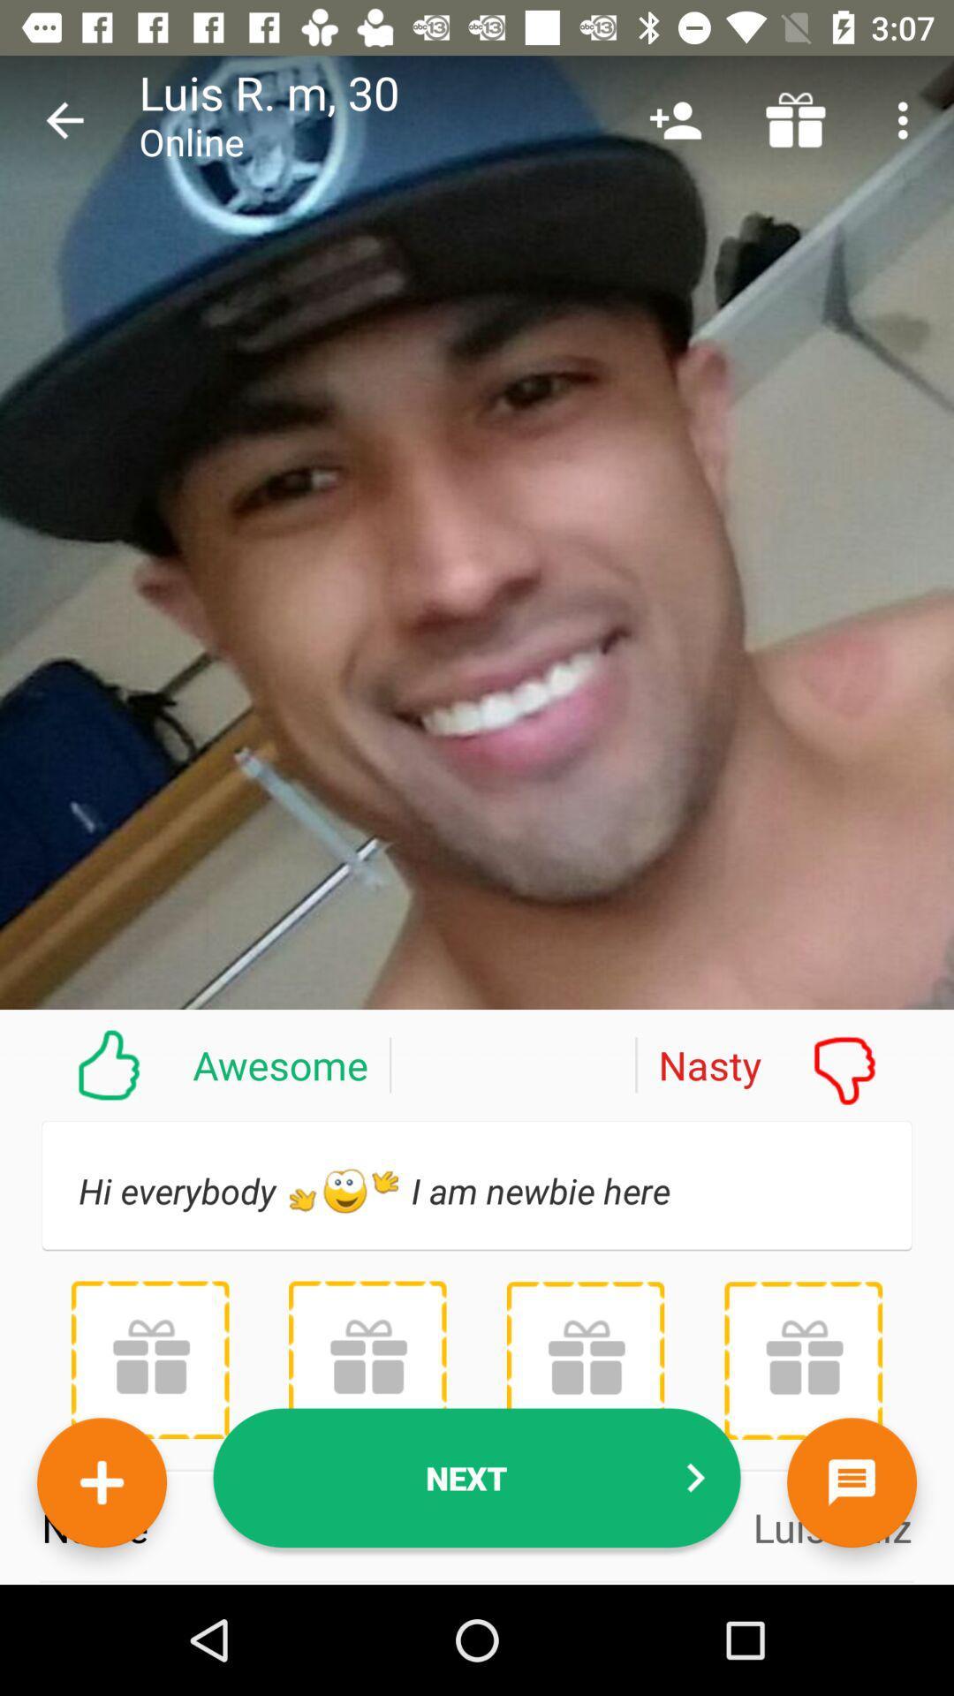 The width and height of the screenshot is (954, 1696). I want to click on the item below hi everybody h, so click(149, 1359).